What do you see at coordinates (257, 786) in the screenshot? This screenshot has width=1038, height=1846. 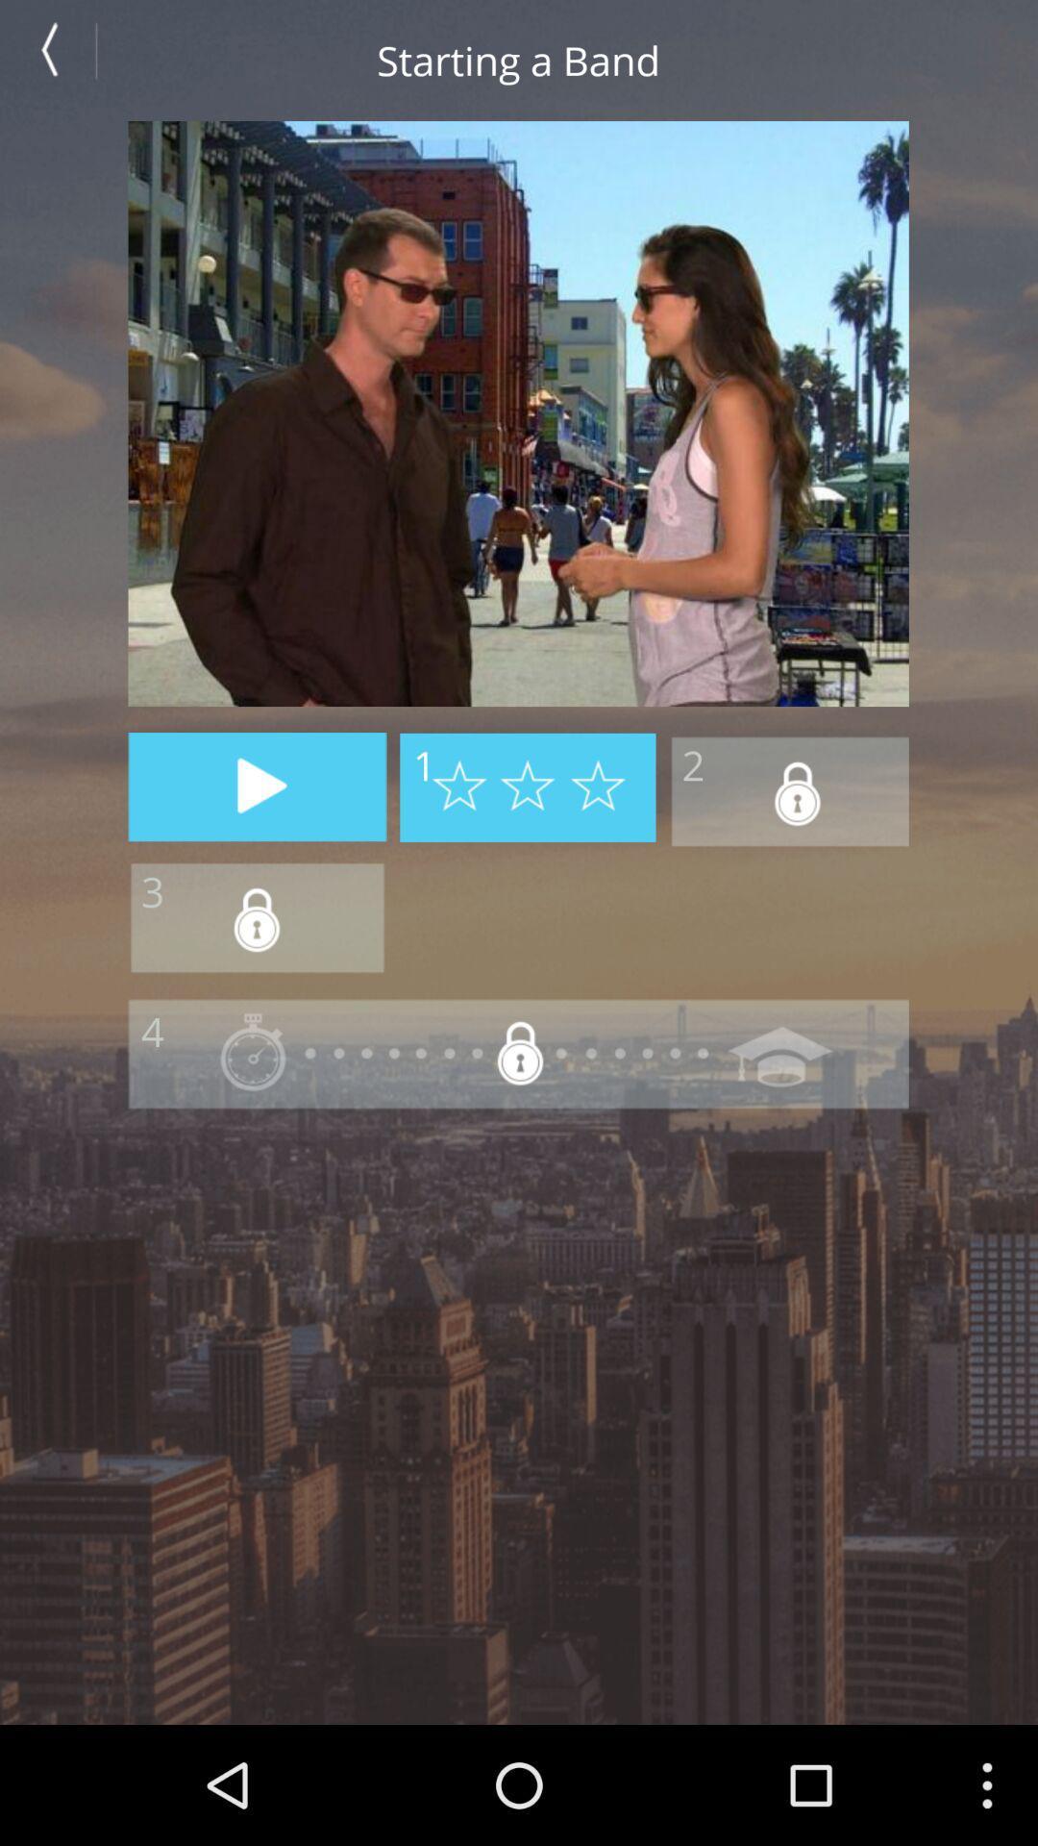 I see `play` at bounding box center [257, 786].